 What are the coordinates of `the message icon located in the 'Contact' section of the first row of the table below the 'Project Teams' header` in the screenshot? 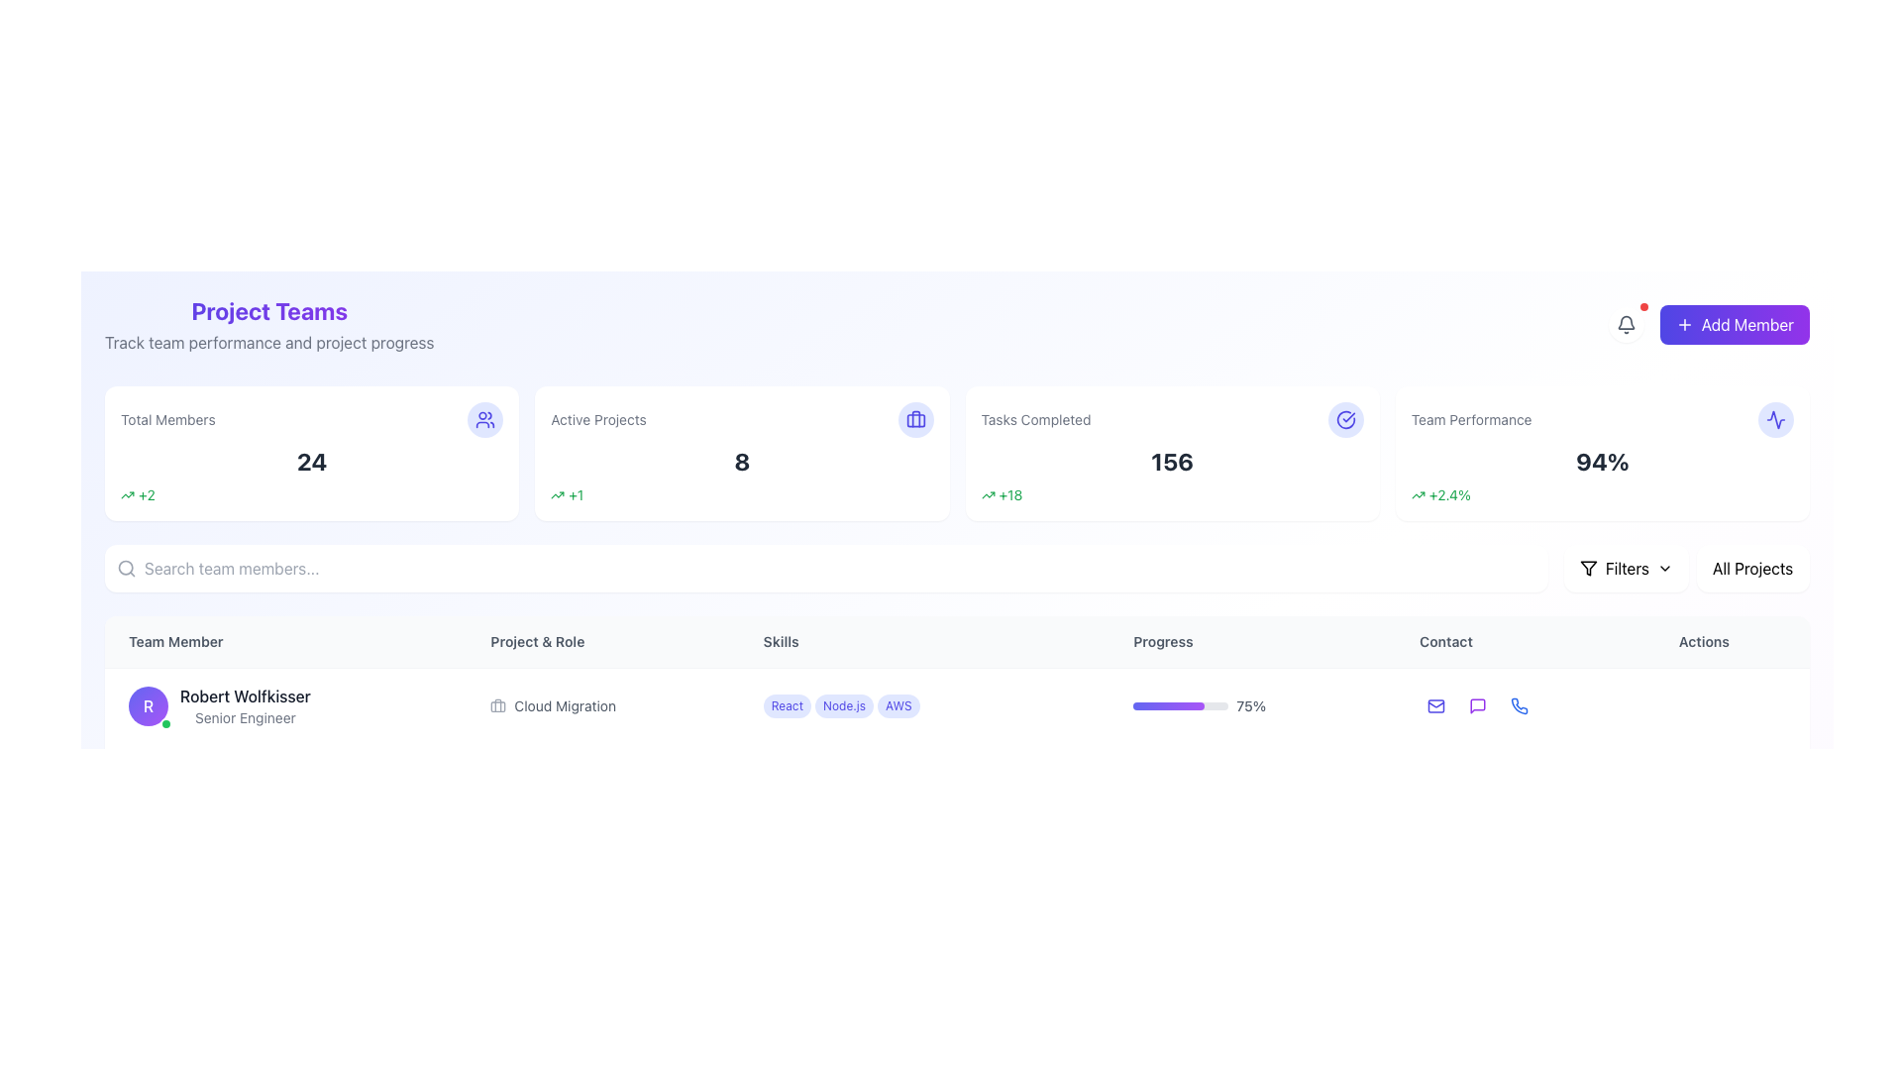 It's located at (1478, 705).